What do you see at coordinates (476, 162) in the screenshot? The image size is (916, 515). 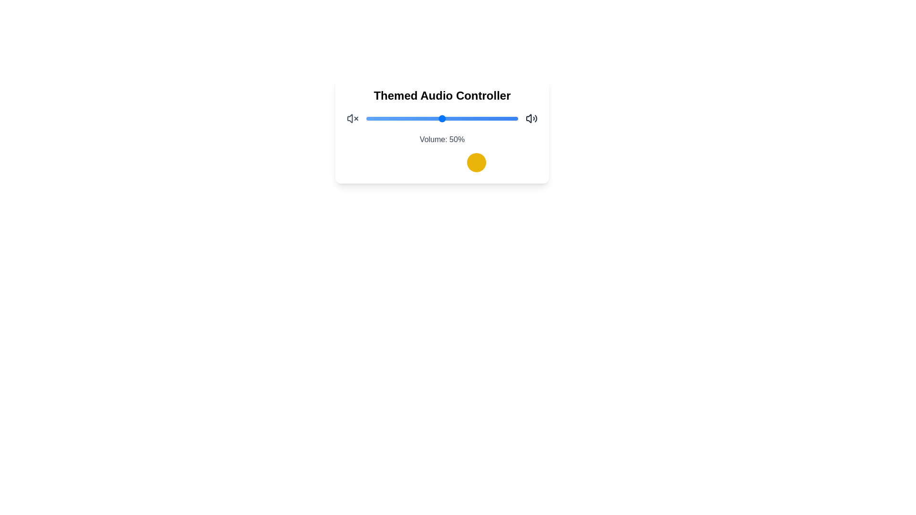 I see `the yellow button to change the theme` at bounding box center [476, 162].